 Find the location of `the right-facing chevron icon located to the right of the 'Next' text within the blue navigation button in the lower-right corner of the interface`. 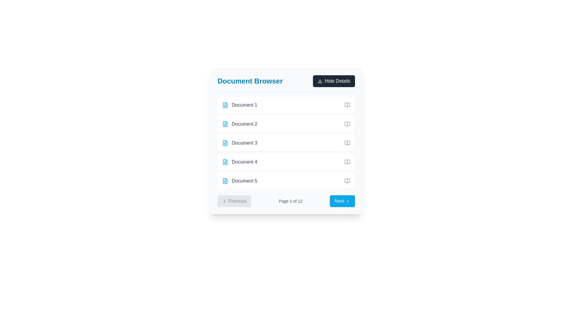

the right-facing chevron icon located to the right of the 'Next' text within the blue navigation button in the lower-right corner of the interface is located at coordinates (348, 201).